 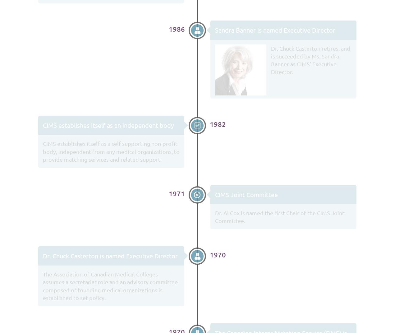 I want to click on 'CIMS establishes itself as an independent body', so click(x=108, y=125).